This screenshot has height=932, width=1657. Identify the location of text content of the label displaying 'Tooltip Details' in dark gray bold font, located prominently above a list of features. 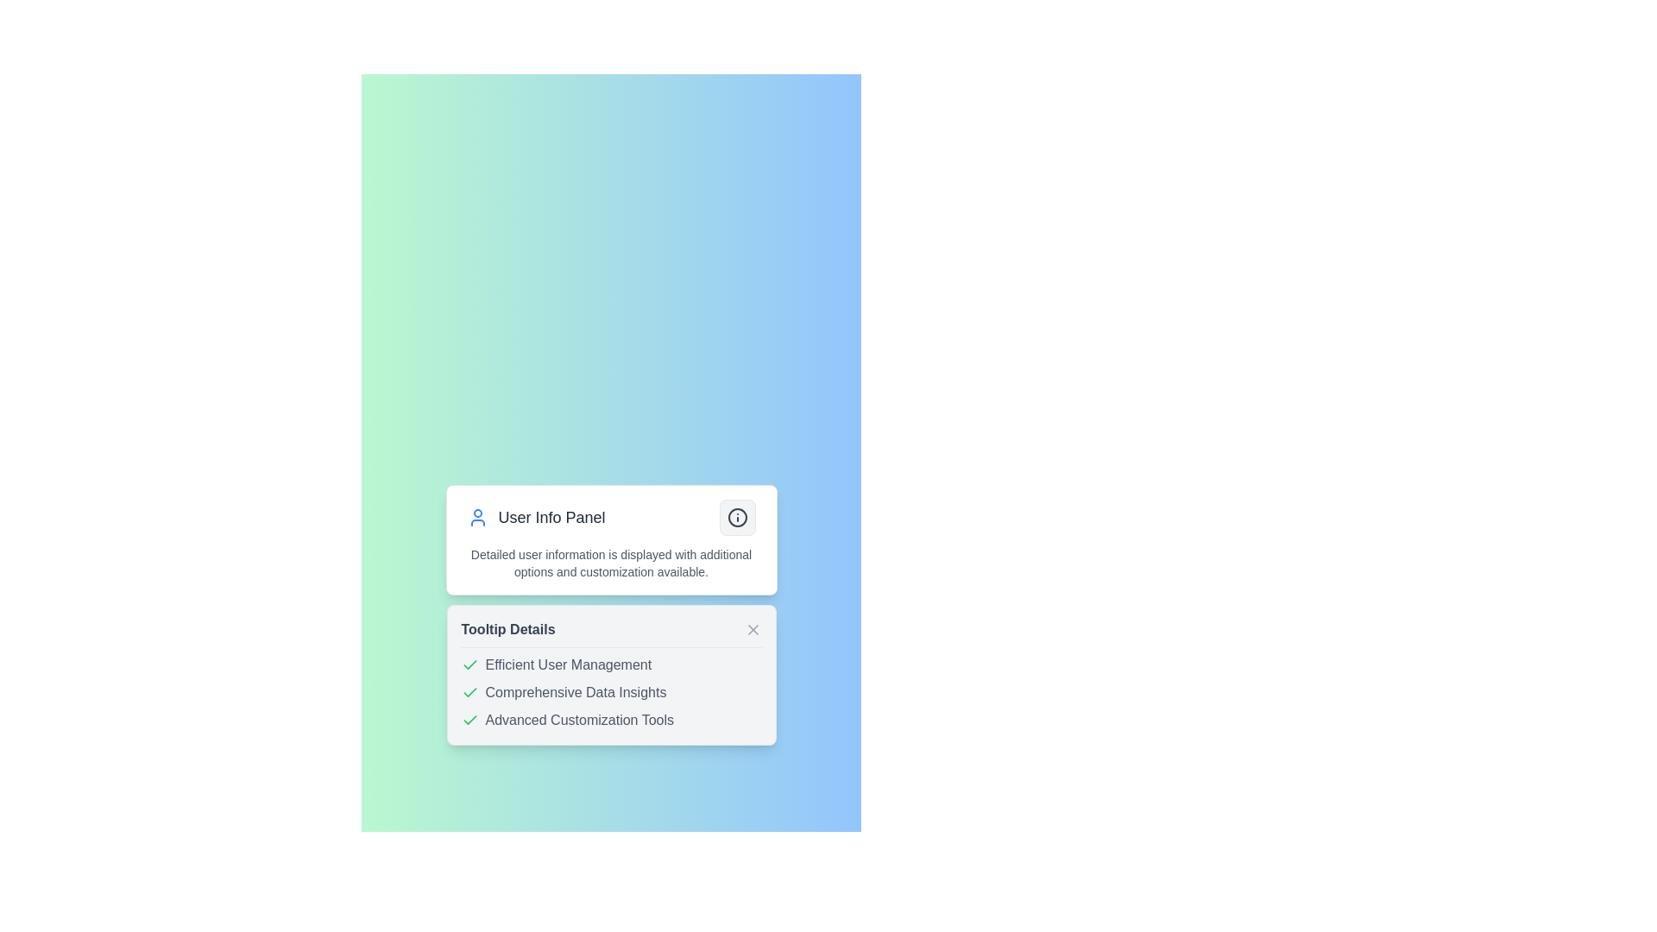
(507, 629).